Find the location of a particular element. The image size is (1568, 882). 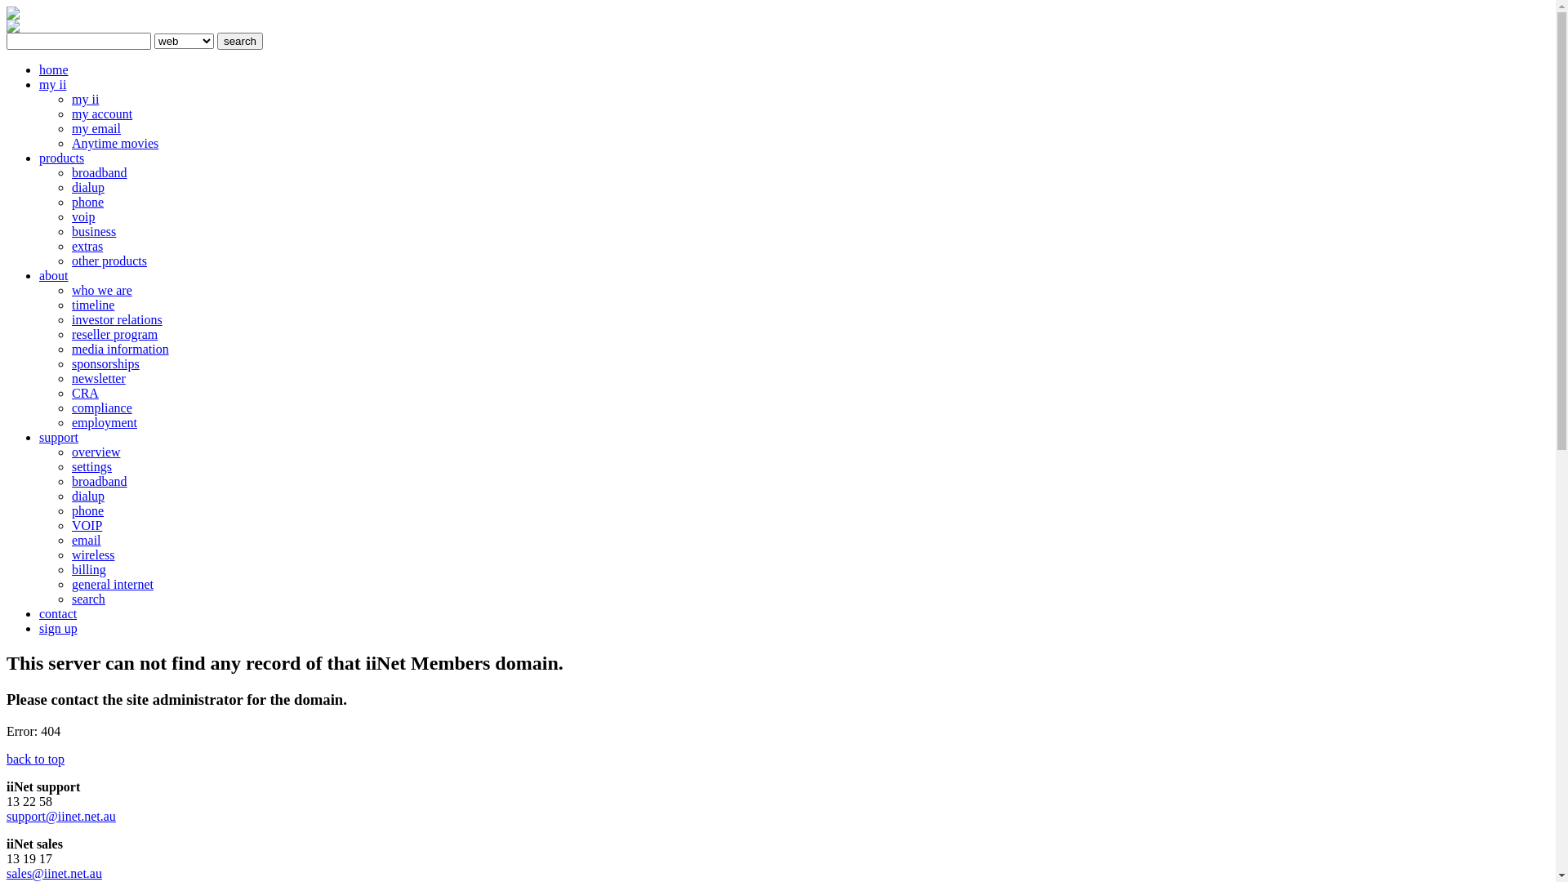

'home' is located at coordinates (39, 69).